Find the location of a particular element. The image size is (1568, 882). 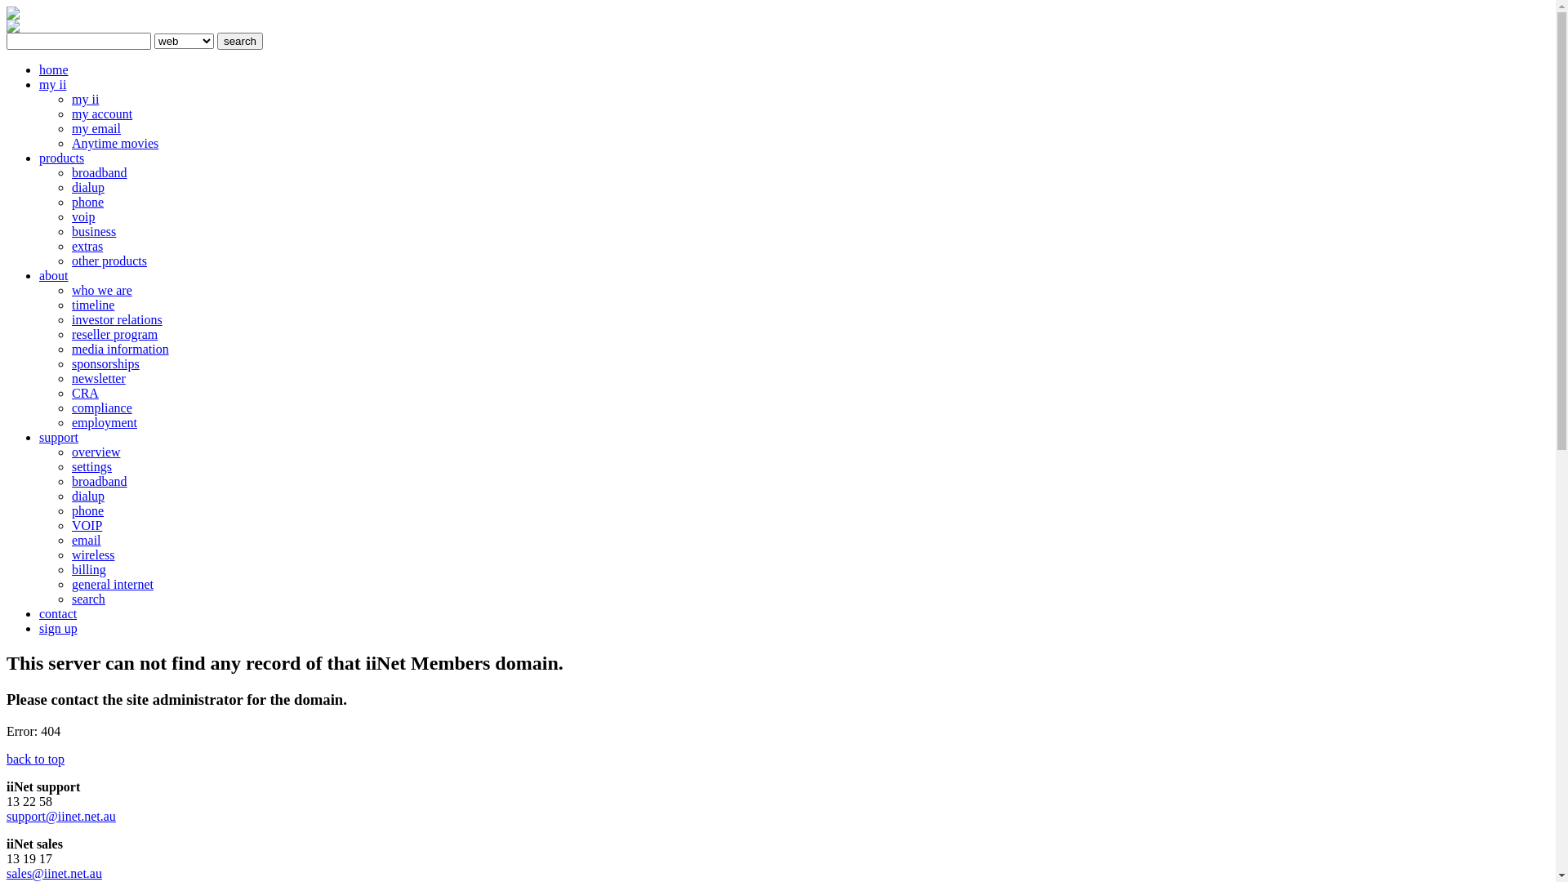

'home' is located at coordinates (39, 69).